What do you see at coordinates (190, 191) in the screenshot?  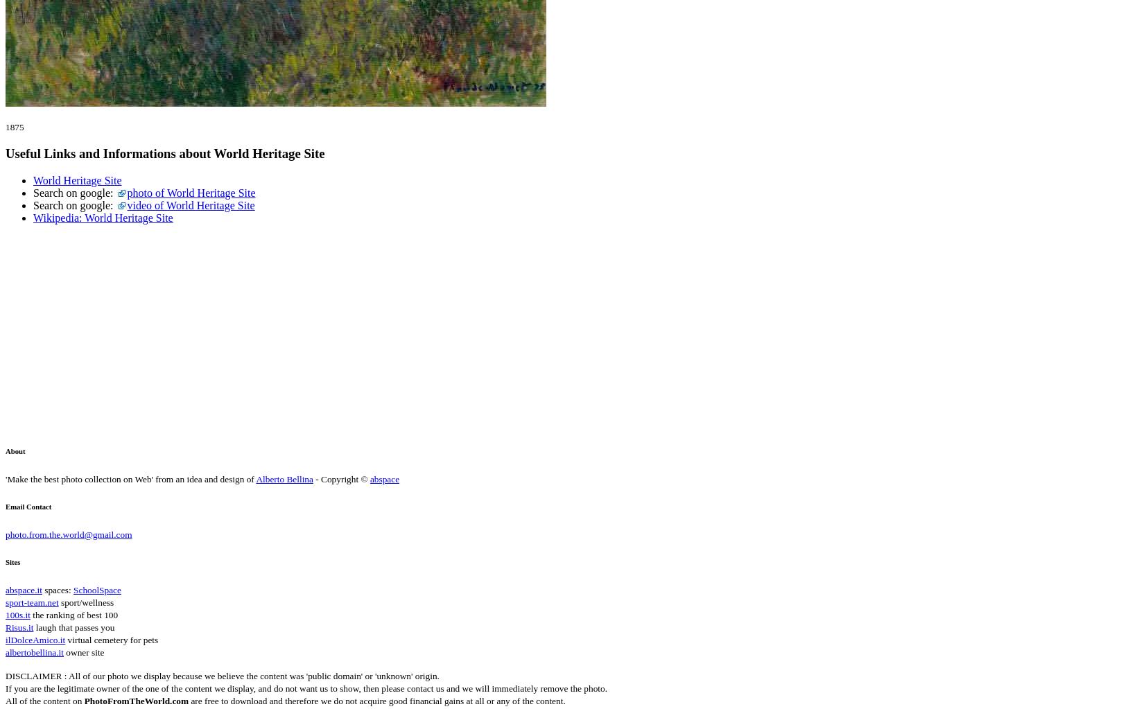 I see `'photo of World Heritage Site'` at bounding box center [190, 191].